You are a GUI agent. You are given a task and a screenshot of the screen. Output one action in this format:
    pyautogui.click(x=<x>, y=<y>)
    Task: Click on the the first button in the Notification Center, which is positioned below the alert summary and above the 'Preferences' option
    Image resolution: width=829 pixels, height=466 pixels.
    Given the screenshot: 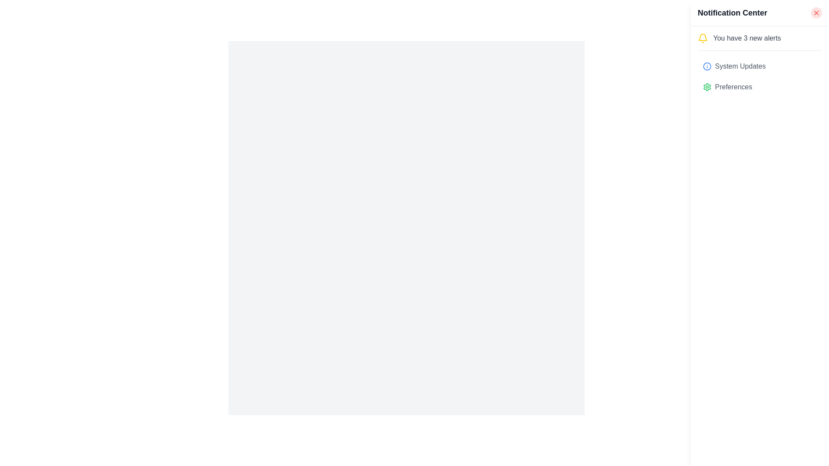 What is the action you would take?
    pyautogui.click(x=760, y=66)
    